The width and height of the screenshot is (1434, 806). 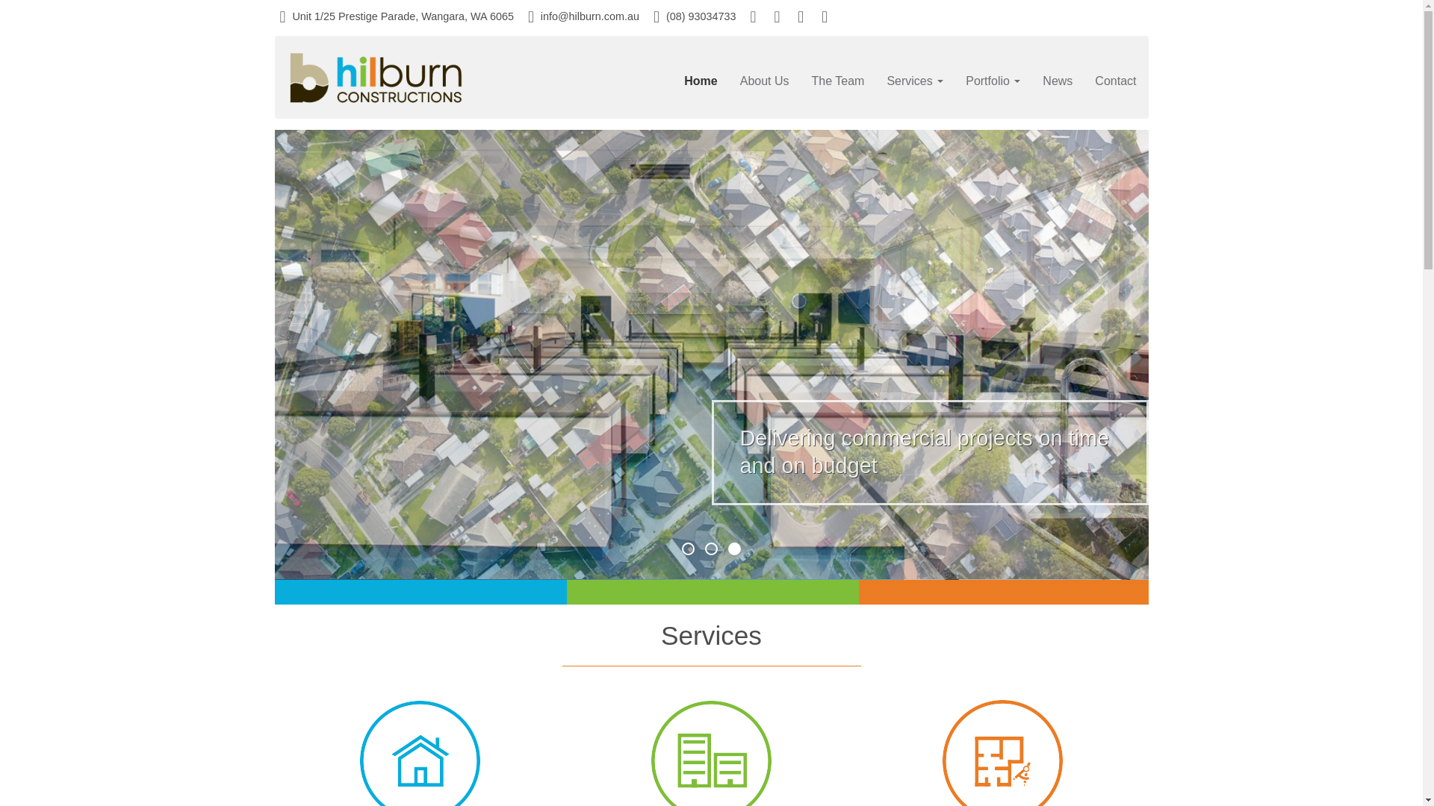 I want to click on '2', so click(x=710, y=549).